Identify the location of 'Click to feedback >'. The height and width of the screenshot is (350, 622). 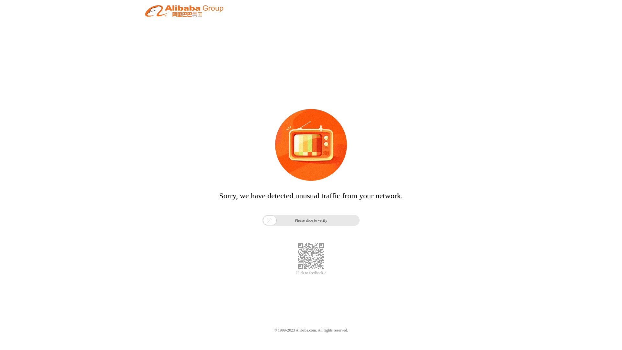
(295, 273).